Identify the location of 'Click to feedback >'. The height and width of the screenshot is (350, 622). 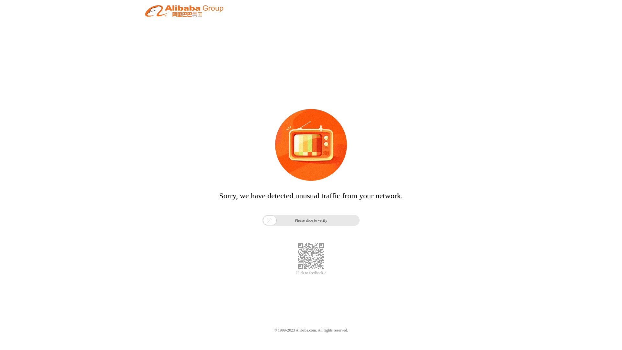
(295, 273).